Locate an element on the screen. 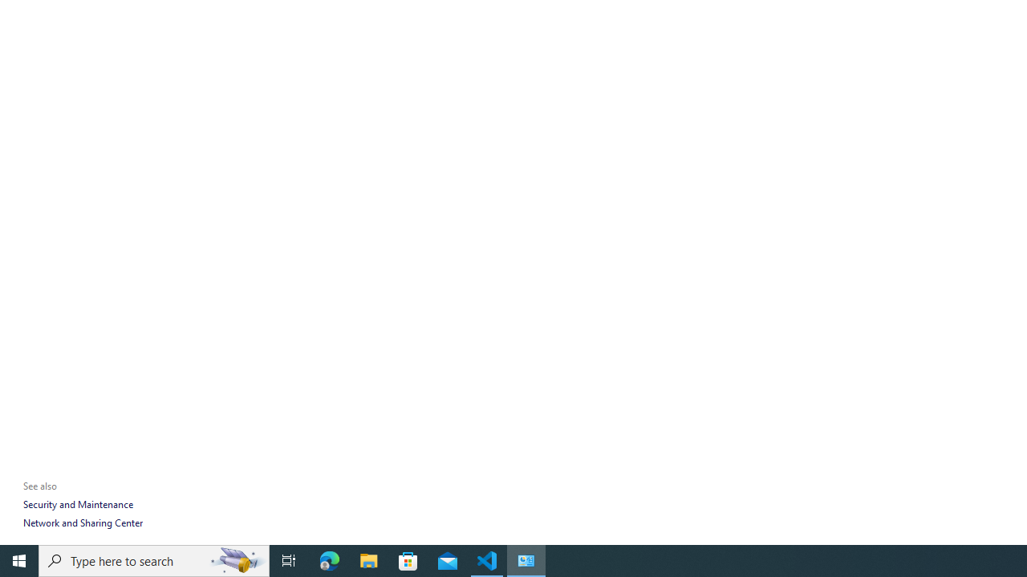 This screenshot has height=577, width=1027. 'Type here to search' is located at coordinates (154, 559).